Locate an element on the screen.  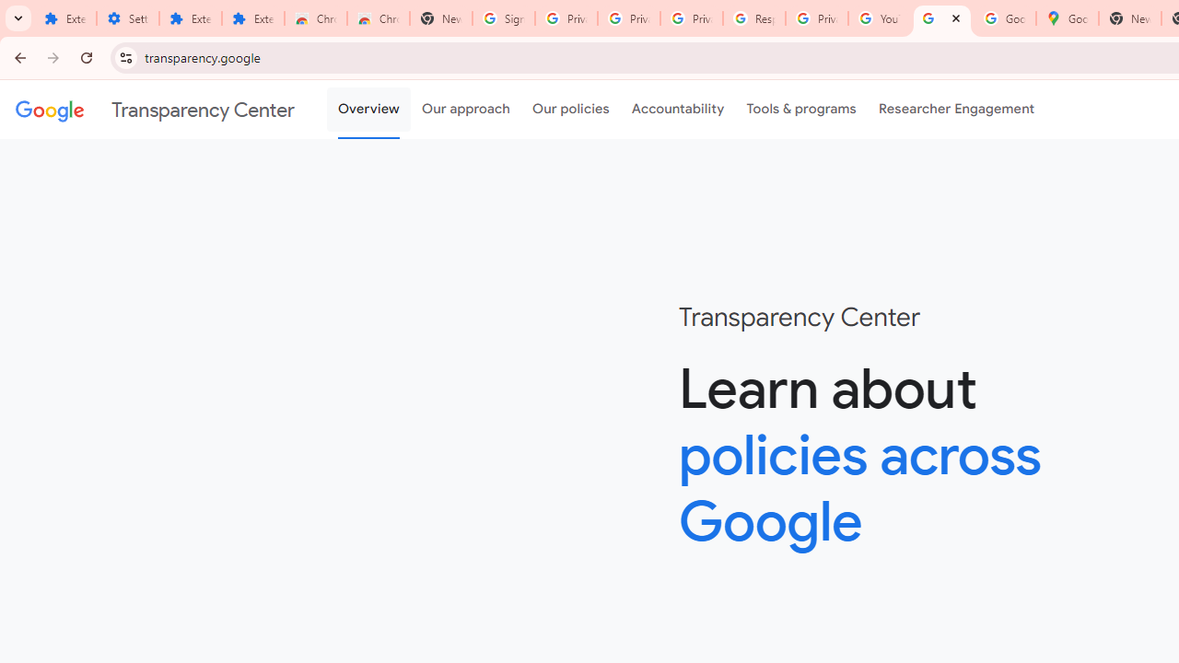
'YouTube' is located at coordinates (878, 18).